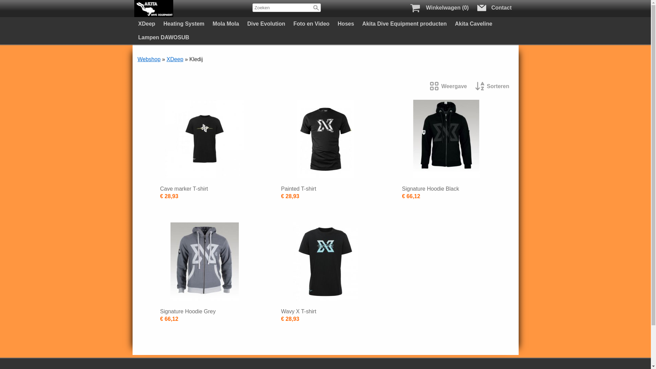 The height and width of the screenshot is (369, 656). What do you see at coordinates (495, 9) in the screenshot?
I see `'Contact'` at bounding box center [495, 9].